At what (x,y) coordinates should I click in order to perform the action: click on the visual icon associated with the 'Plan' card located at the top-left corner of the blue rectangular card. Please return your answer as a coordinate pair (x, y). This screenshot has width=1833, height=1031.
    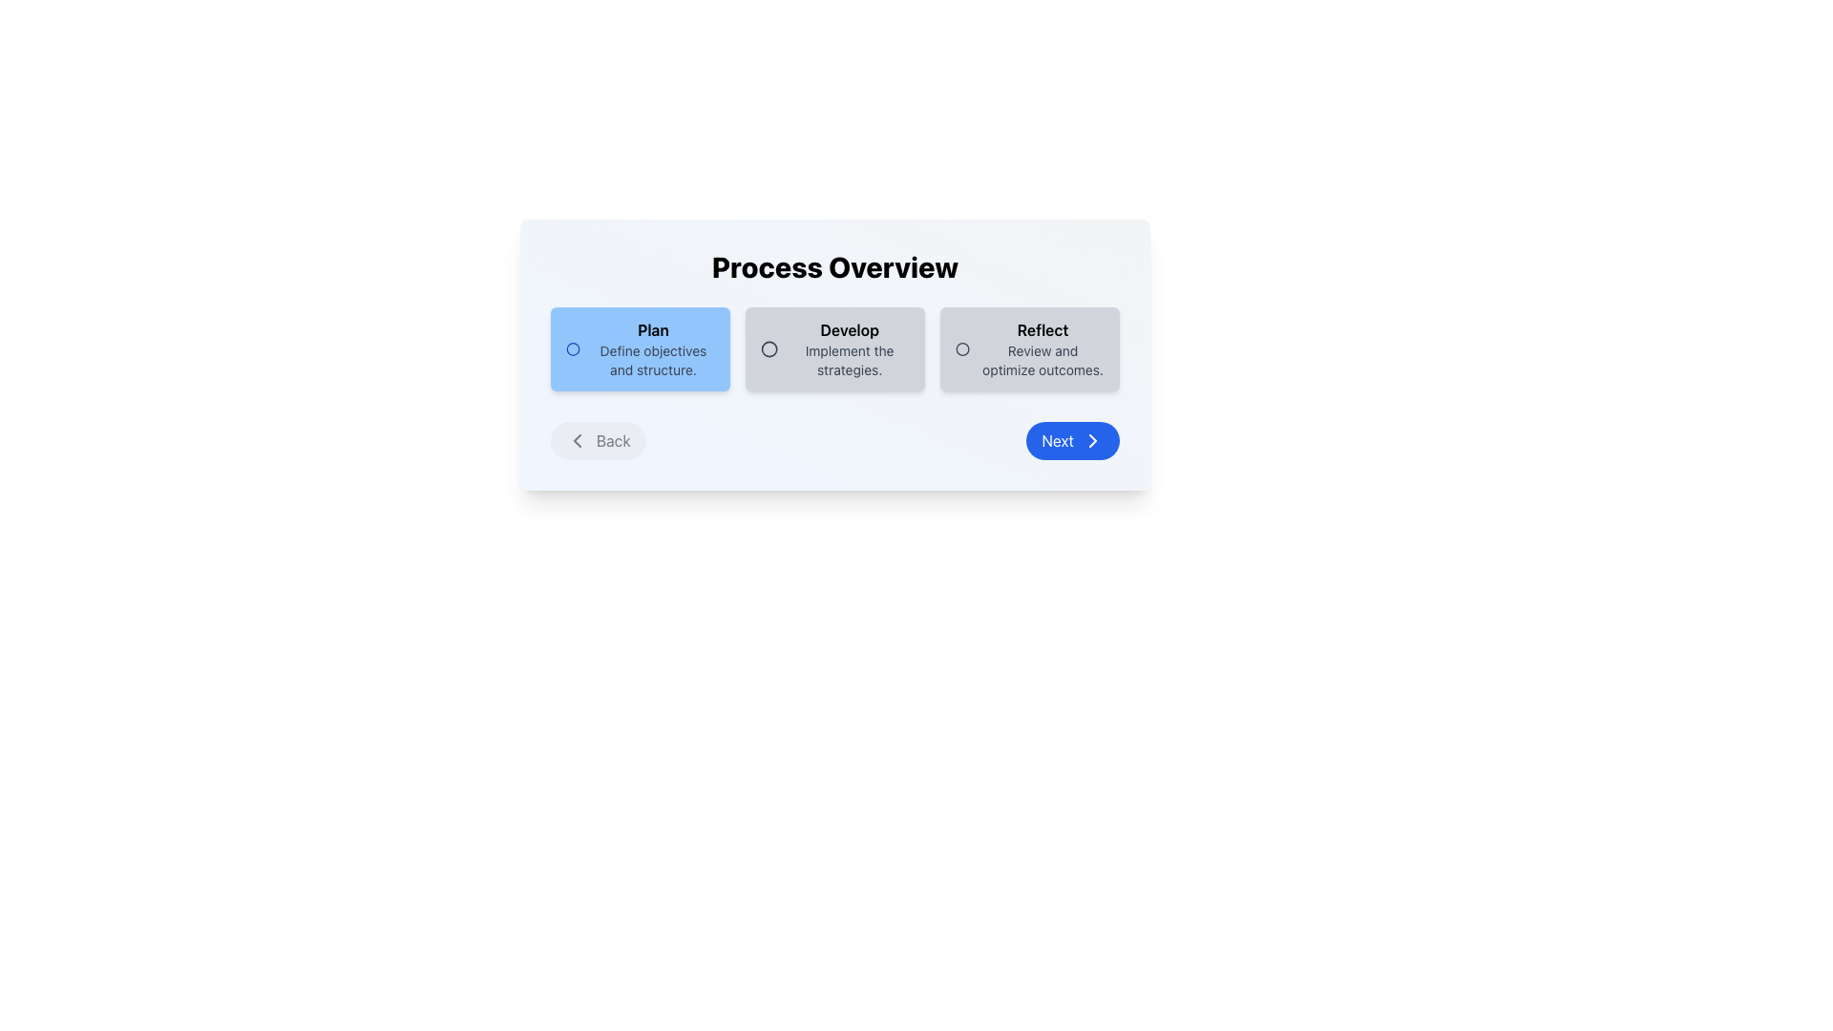
    Looking at the image, I should click on (572, 349).